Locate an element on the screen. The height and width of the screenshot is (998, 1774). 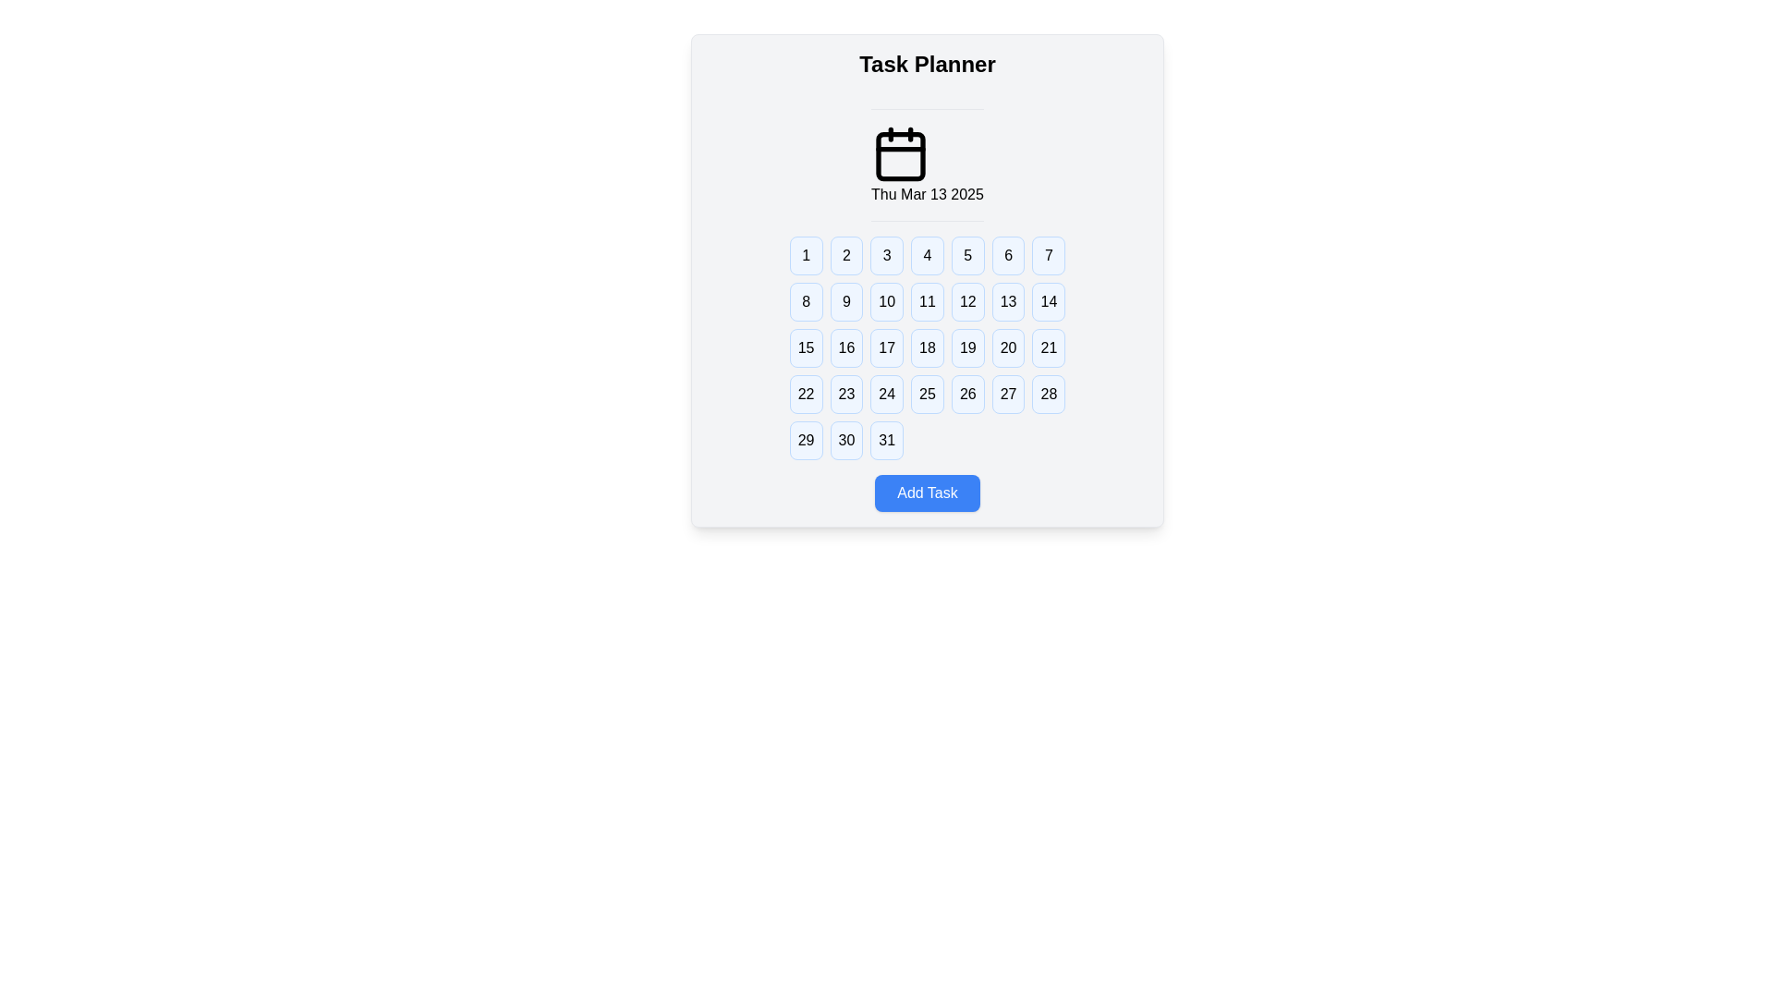
the Calendar Day Cell representing the 27th day of the month is located at coordinates (1007, 394).